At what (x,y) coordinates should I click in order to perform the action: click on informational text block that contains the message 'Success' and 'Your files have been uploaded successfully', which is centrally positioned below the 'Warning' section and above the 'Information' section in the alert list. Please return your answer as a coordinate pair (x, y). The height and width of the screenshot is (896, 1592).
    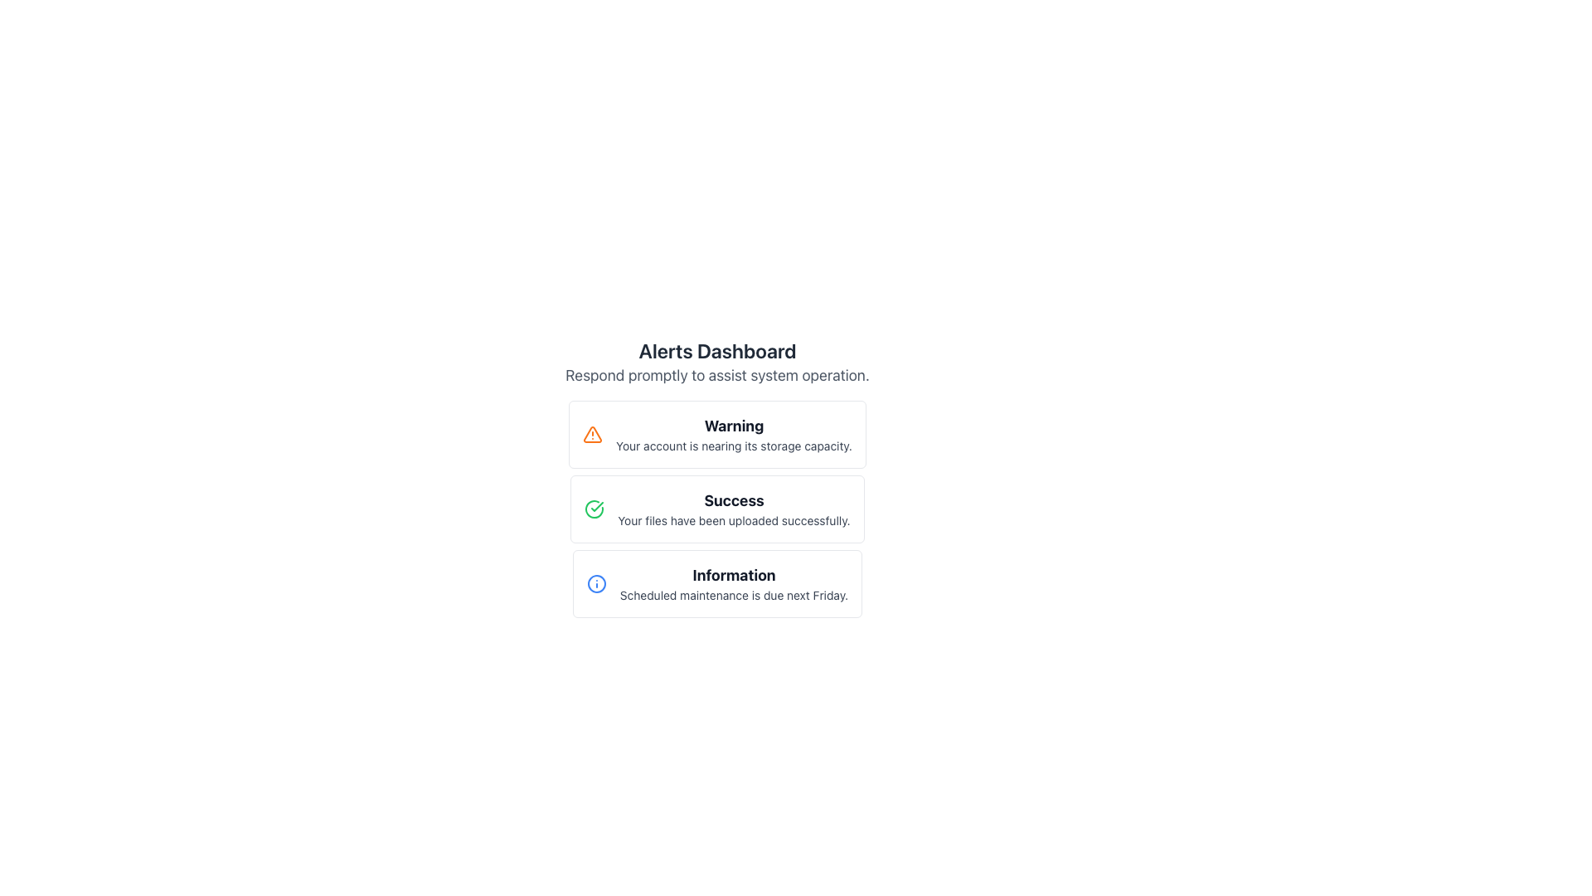
    Looking at the image, I should click on (733, 508).